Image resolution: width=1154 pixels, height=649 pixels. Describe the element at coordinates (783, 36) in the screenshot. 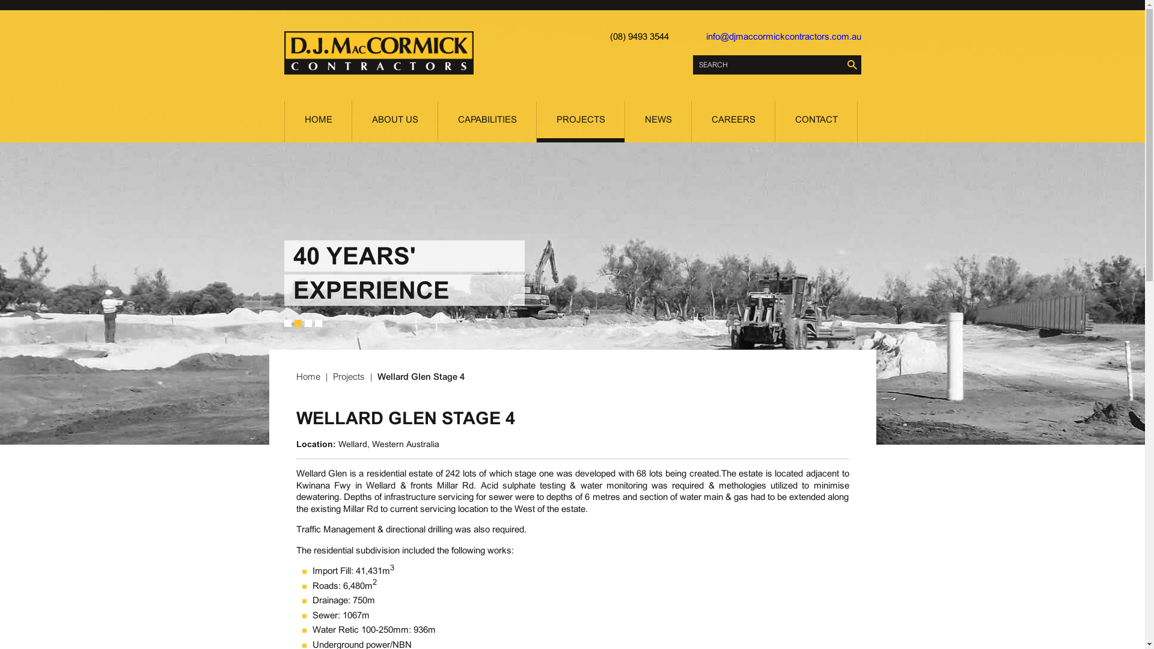

I see `'info@djmaccormickcontractors.com.au'` at that location.